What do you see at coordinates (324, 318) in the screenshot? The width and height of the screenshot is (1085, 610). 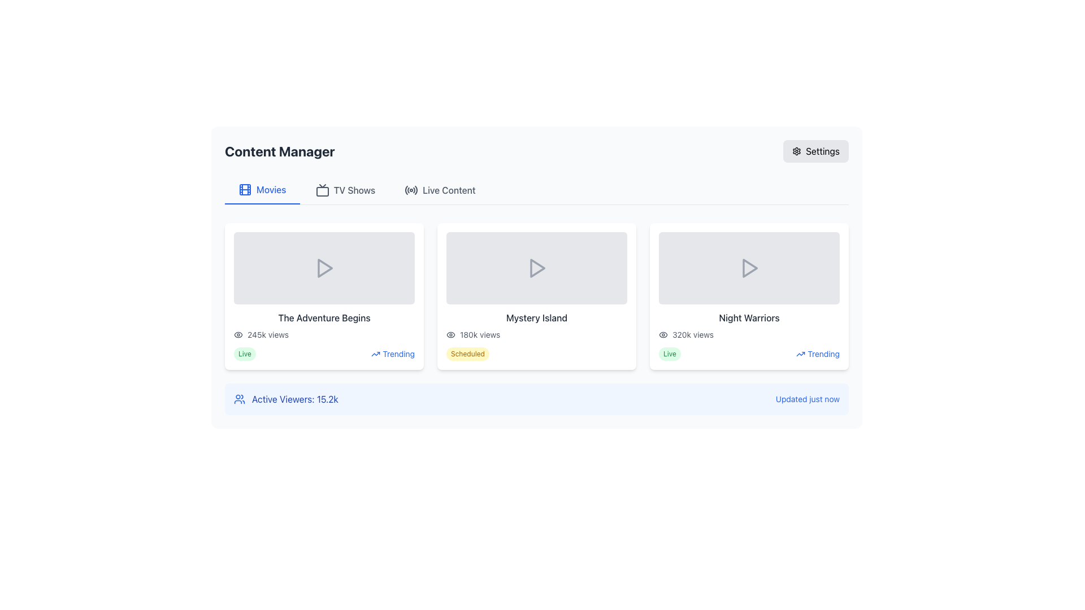 I see `the text label displaying 'The Adventure Begins' in a medium-sized, black font located within the first card of the horizontally aligned series of video cards under the 'Movies' tab` at bounding box center [324, 318].